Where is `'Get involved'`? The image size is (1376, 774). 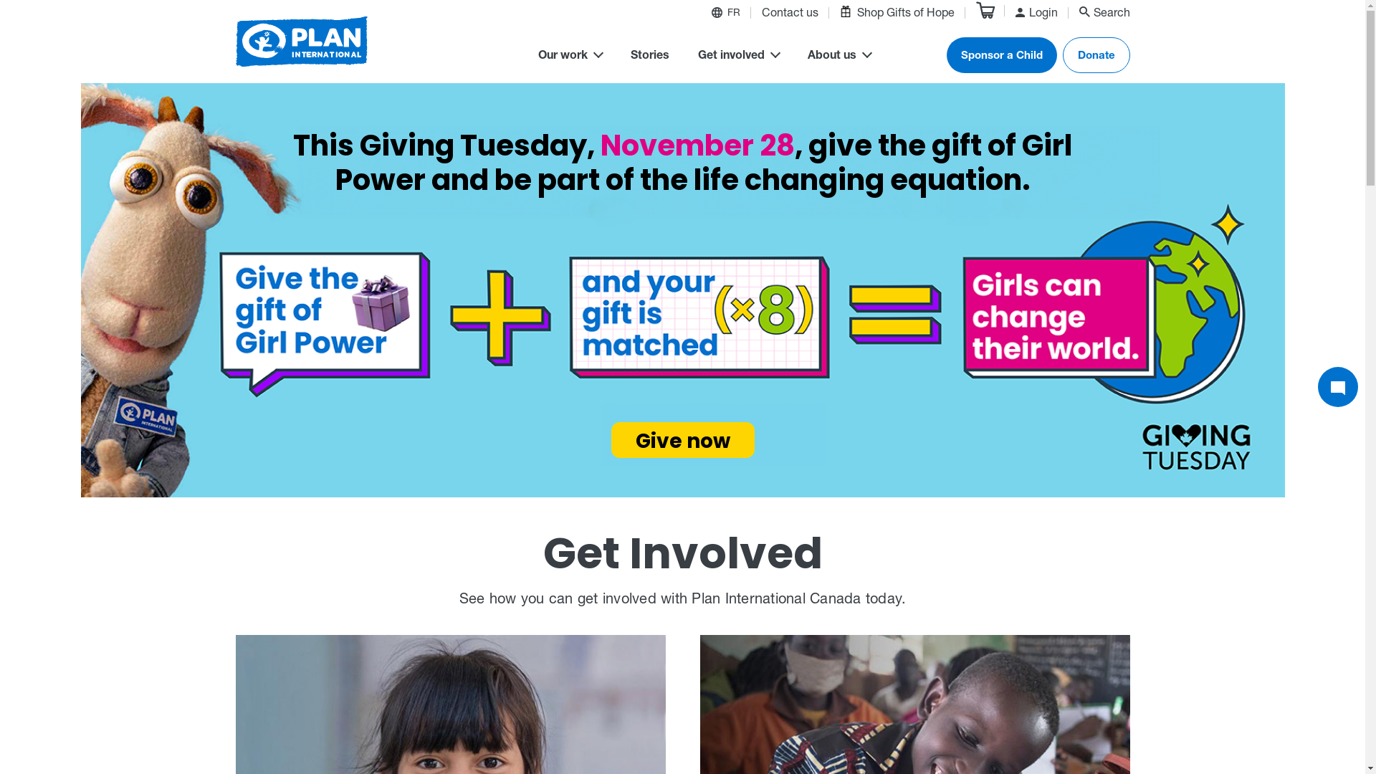
'Get involved' is located at coordinates (698, 57).